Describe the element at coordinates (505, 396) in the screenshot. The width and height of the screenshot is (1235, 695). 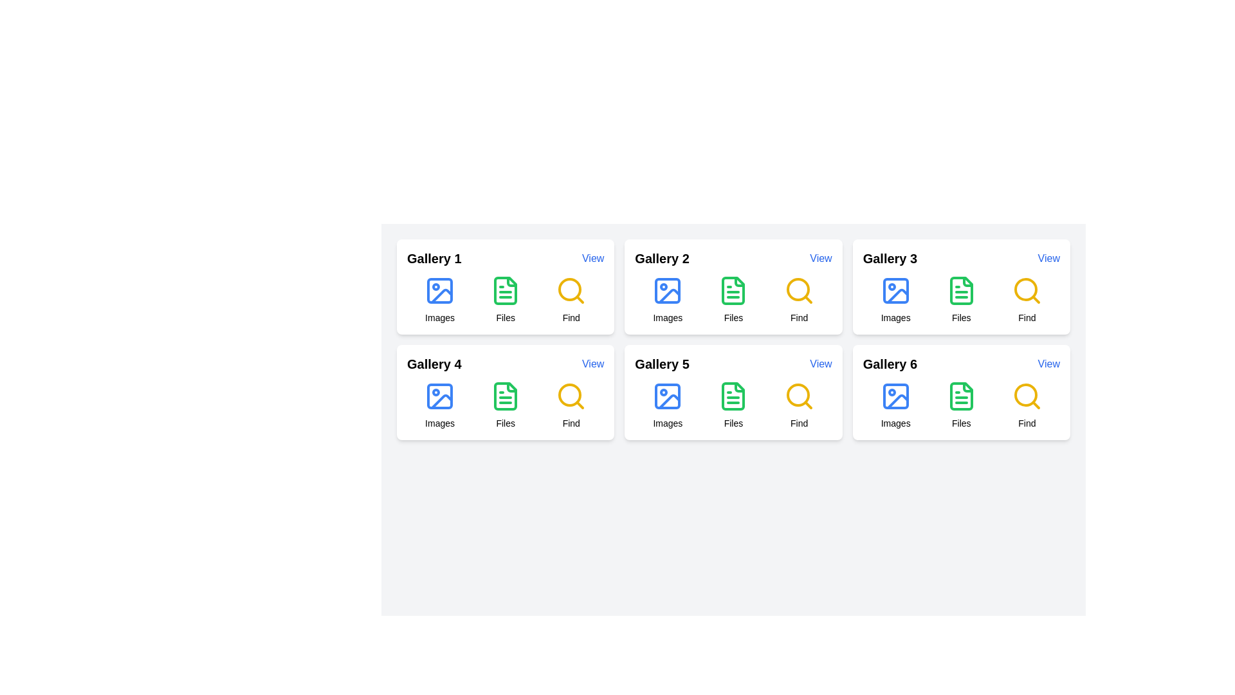
I see `the green document icon located in the 'Gallery 4' box, positioned above the 'Files' label and between the 'Images' icon and 'Find' icon` at that location.